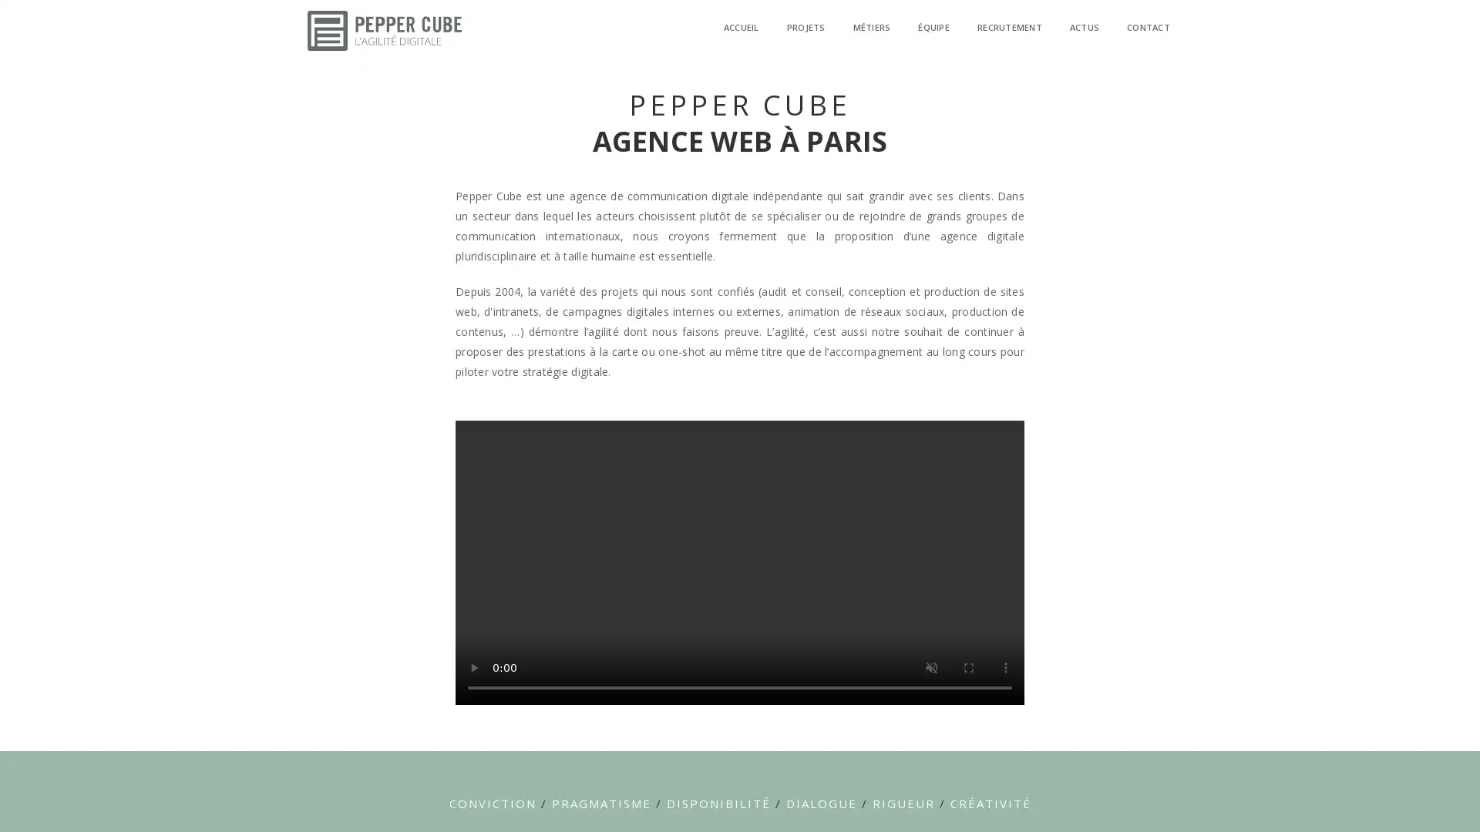  I want to click on play, so click(473, 667).